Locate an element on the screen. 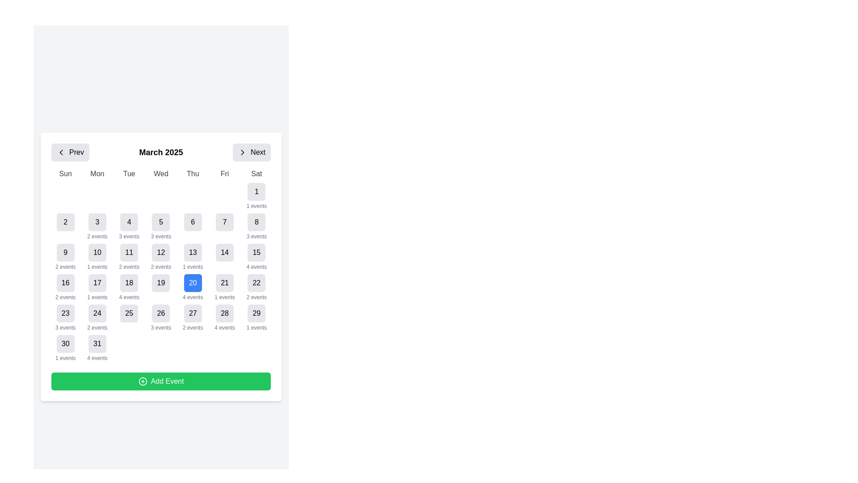  the Calendar date box representing the 31st date is located at coordinates (97, 348).